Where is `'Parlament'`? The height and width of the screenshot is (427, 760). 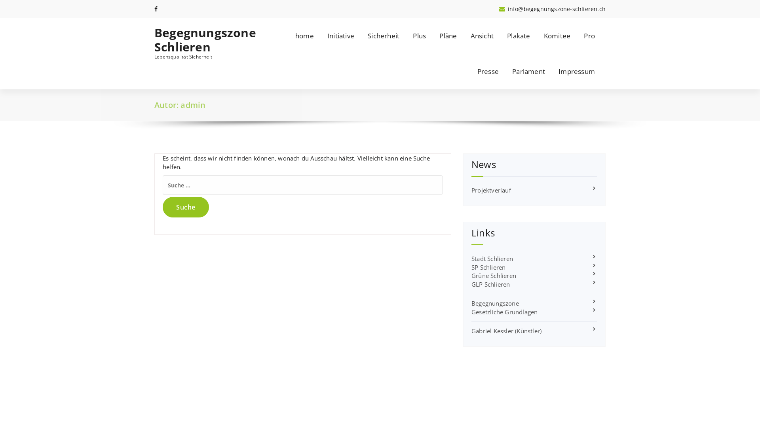
'Parlament' is located at coordinates (528, 72).